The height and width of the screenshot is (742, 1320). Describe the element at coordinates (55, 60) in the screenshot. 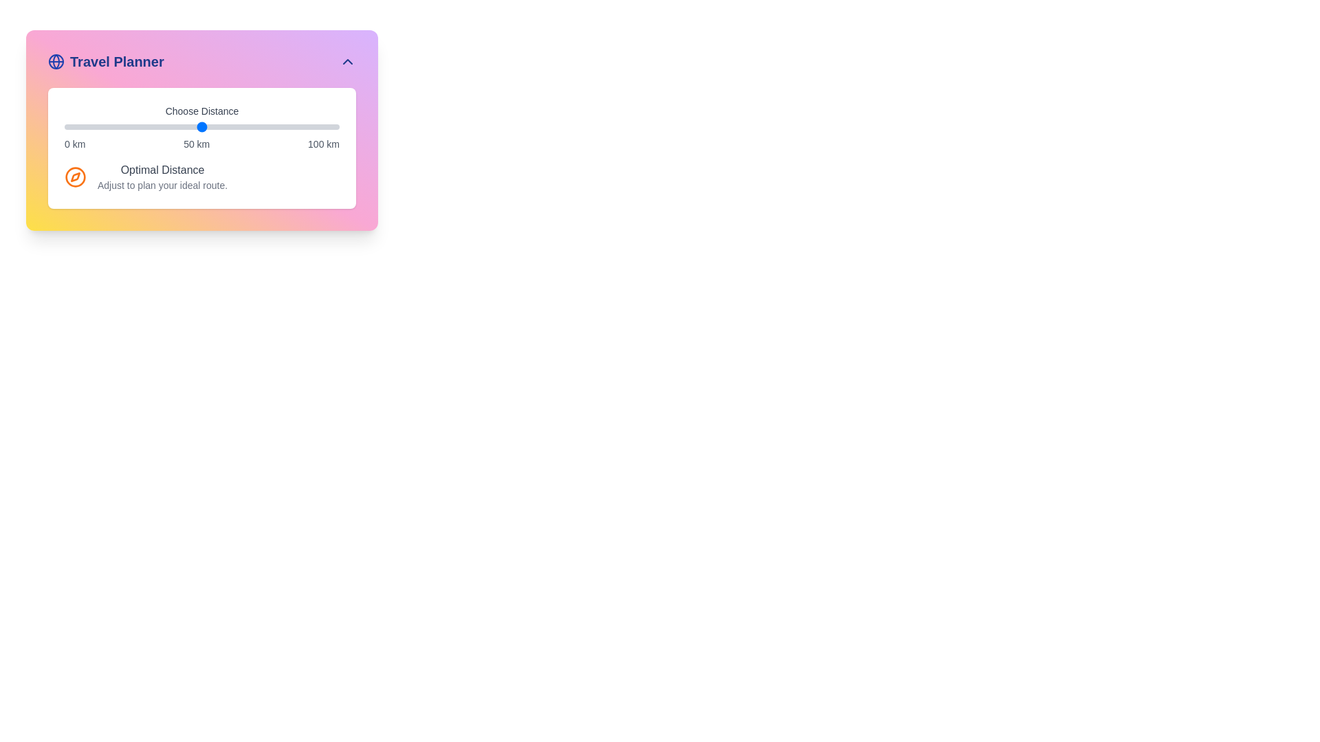

I see `the central circle of the globe icon SVG element, which is a vector graphic component with a radius of 10 units` at that location.